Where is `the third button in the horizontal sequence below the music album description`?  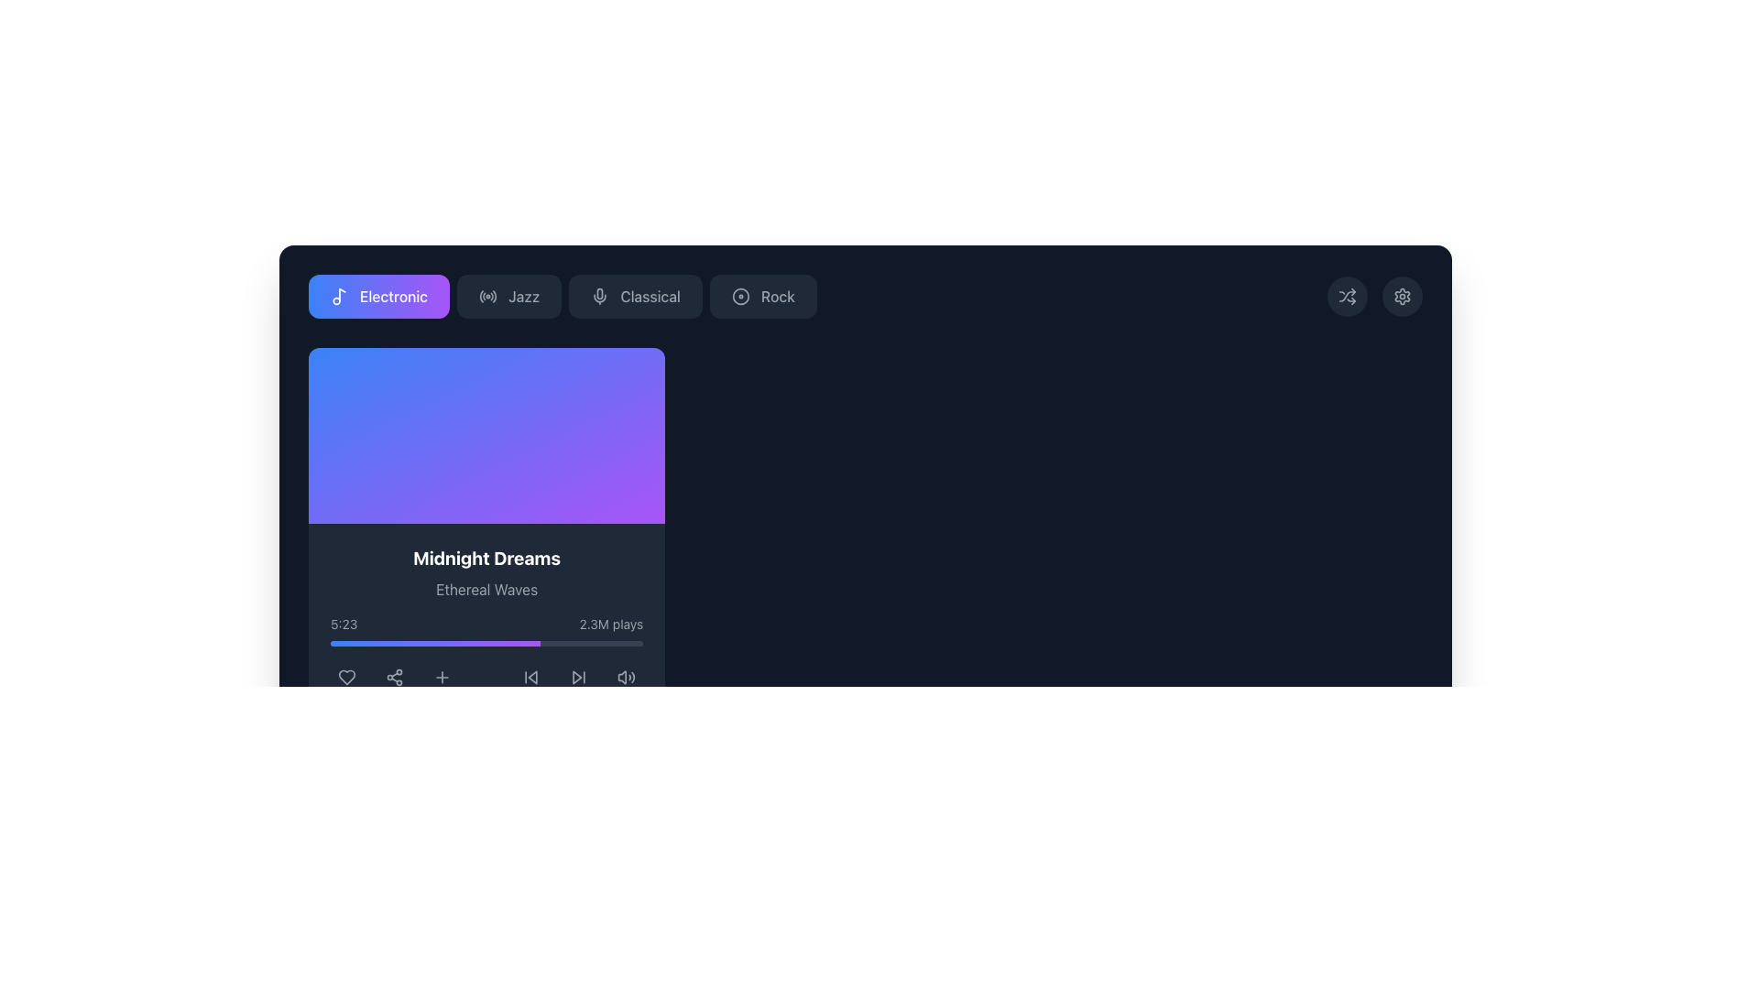 the third button in the horizontal sequence below the music album description is located at coordinates (442, 678).